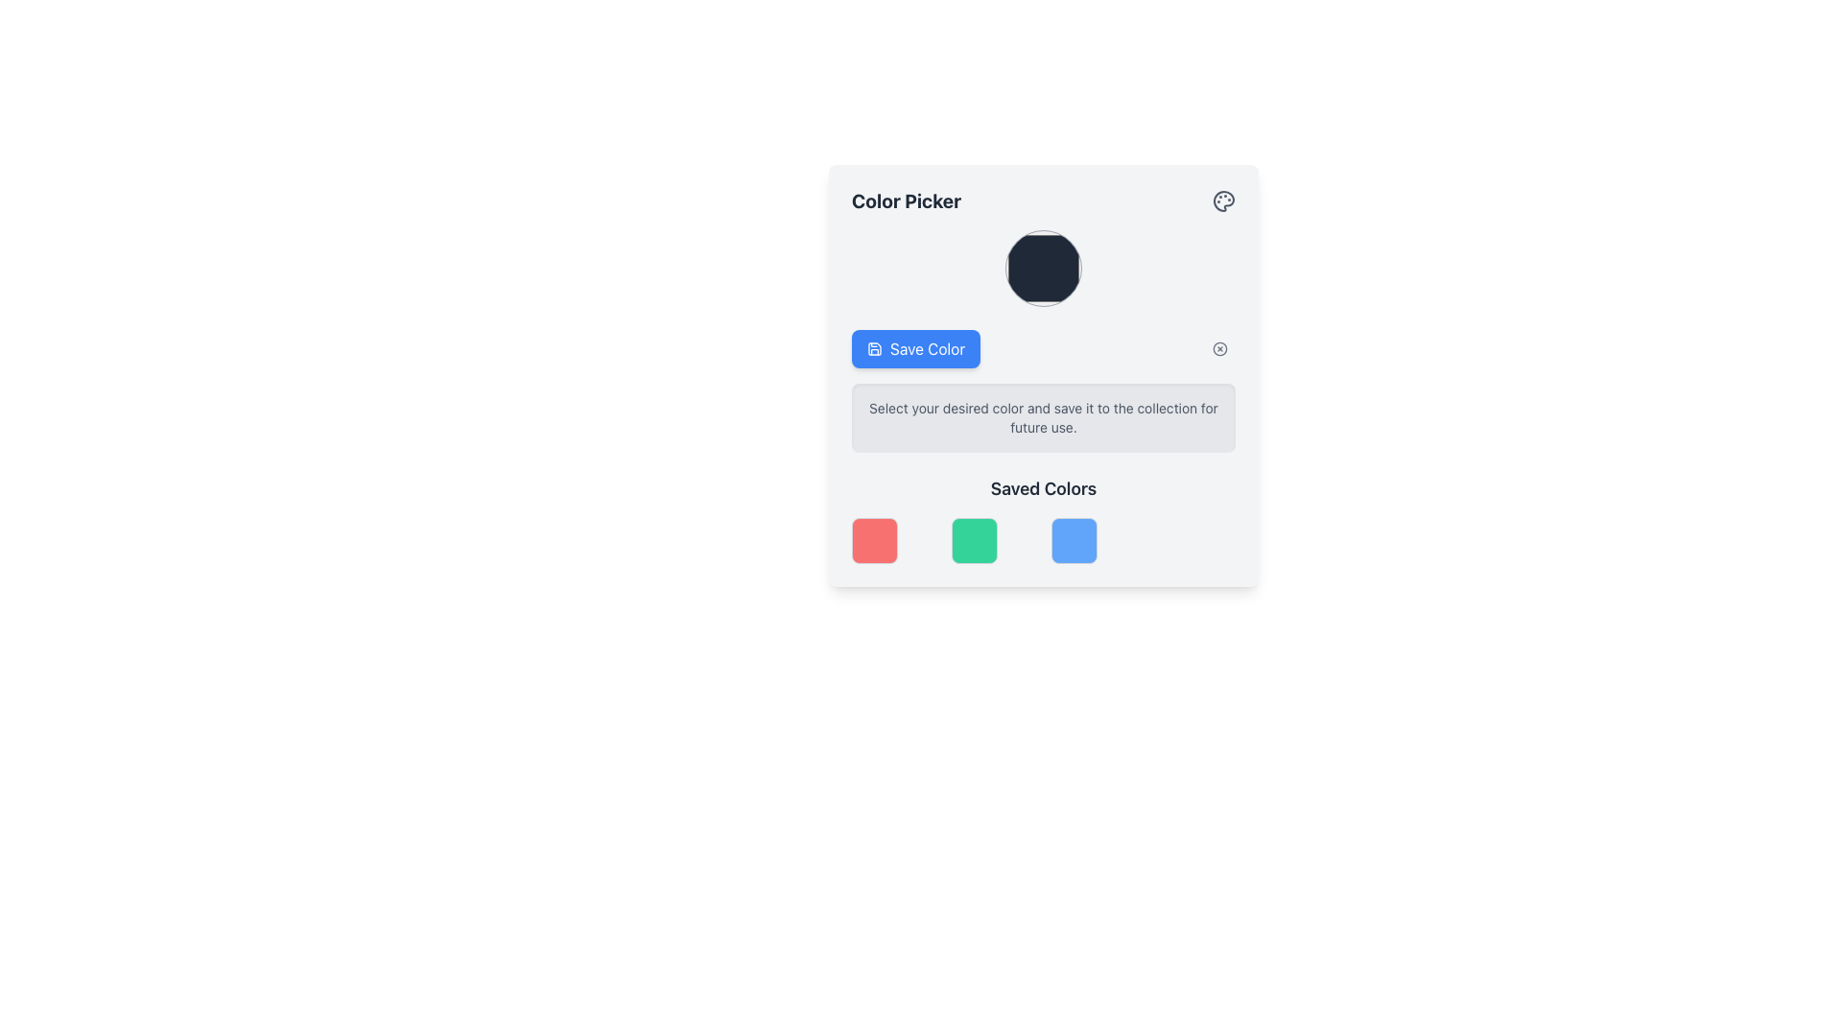 This screenshot has width=1842, height=1036. Describe the element at coordinates (1223, 200) in the screenshot. I see `the color management icon located` at that location.